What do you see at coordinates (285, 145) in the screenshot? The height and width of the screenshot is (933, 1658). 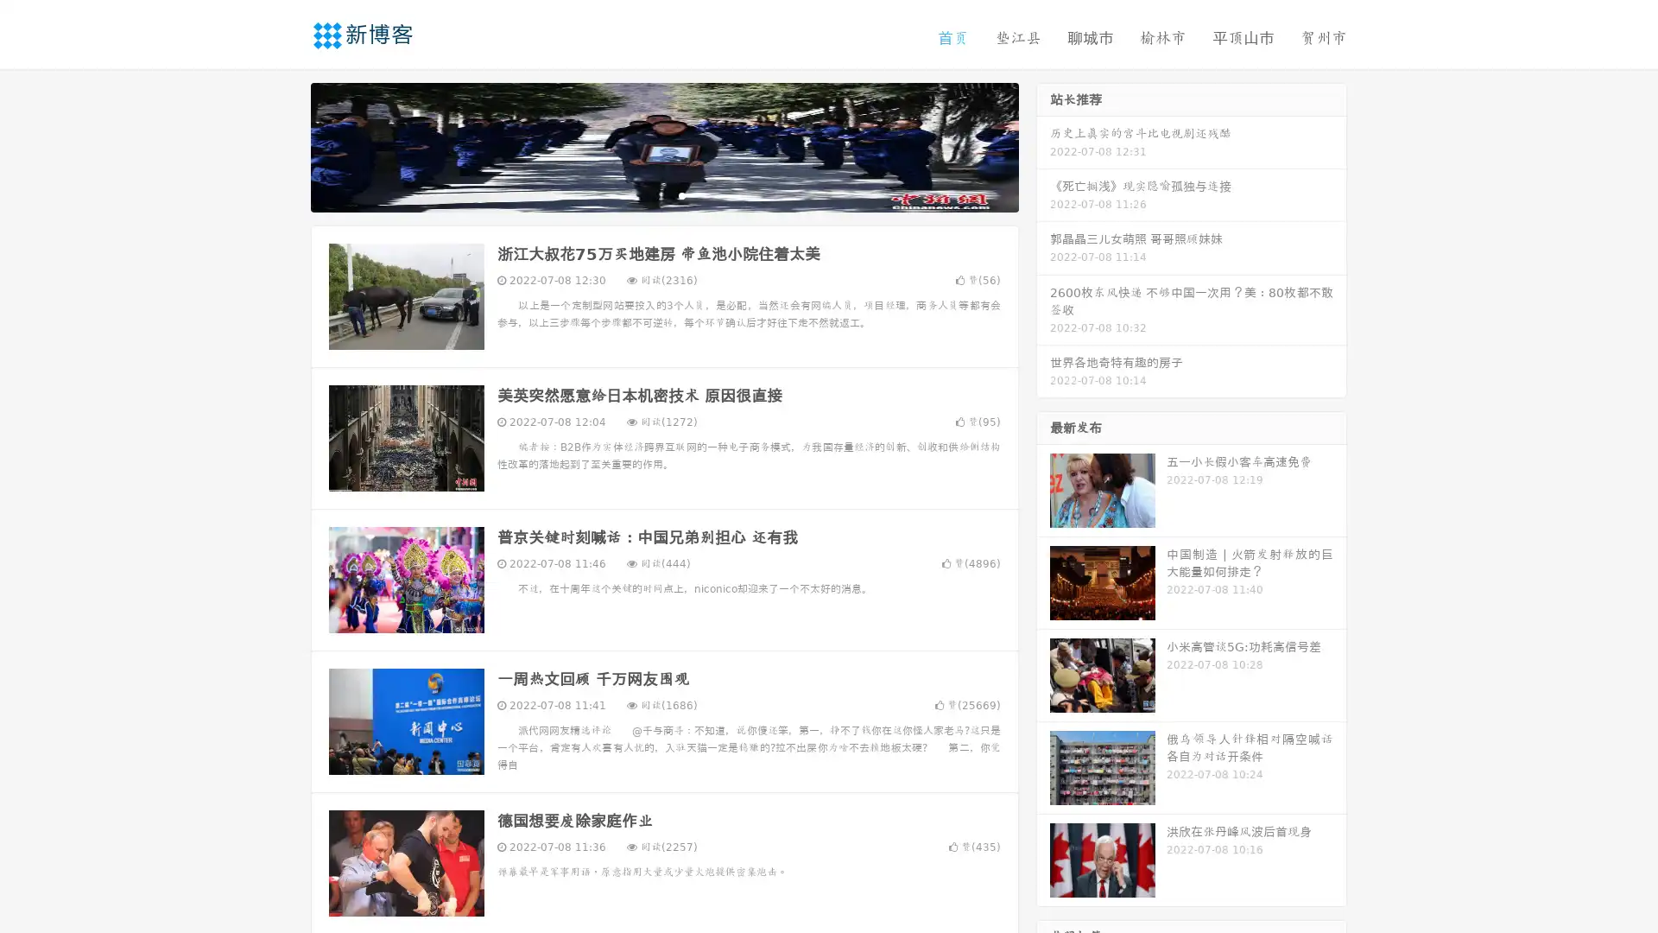 I see `Previous slide` at bounding box center [285, 145].